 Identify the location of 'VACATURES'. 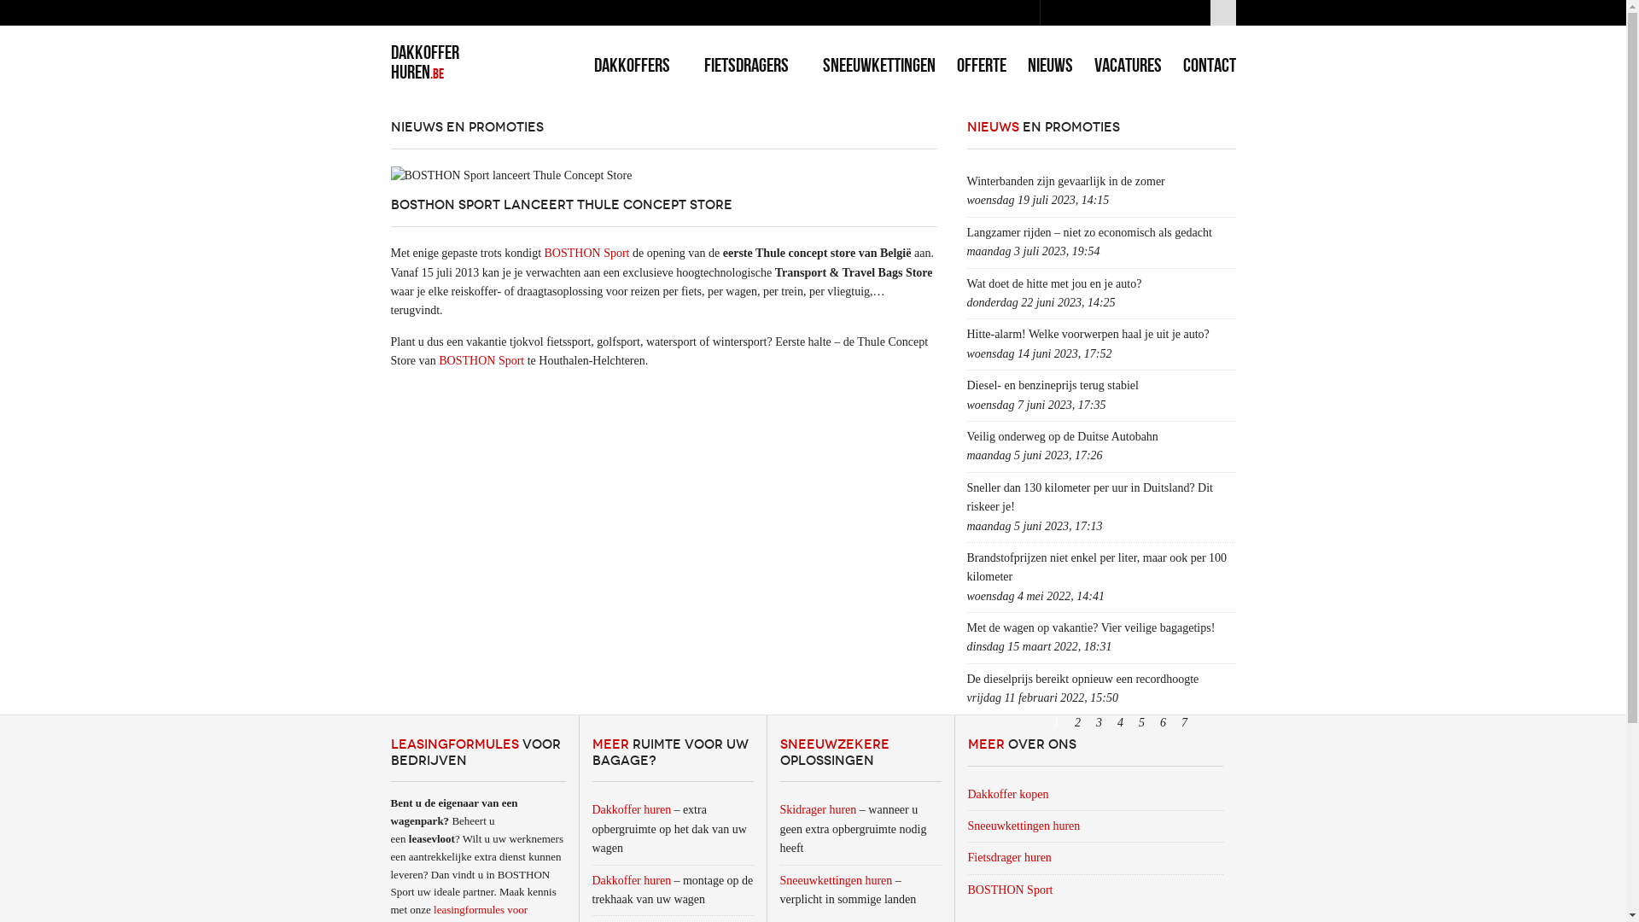
(1128, 64).